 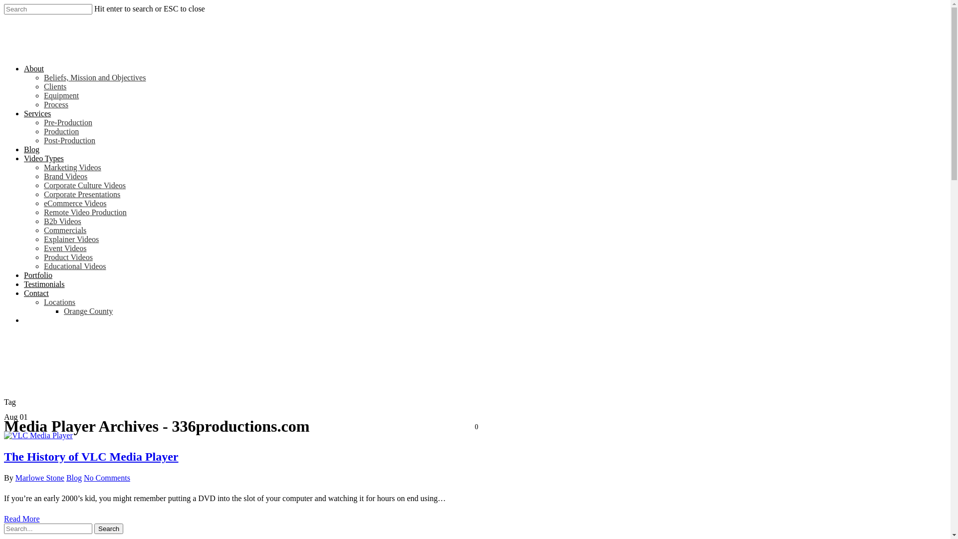 What do you see at coordinates (64, 230) in the screenshot?
I see `'Commercials'` at bounding box center [64, 230].